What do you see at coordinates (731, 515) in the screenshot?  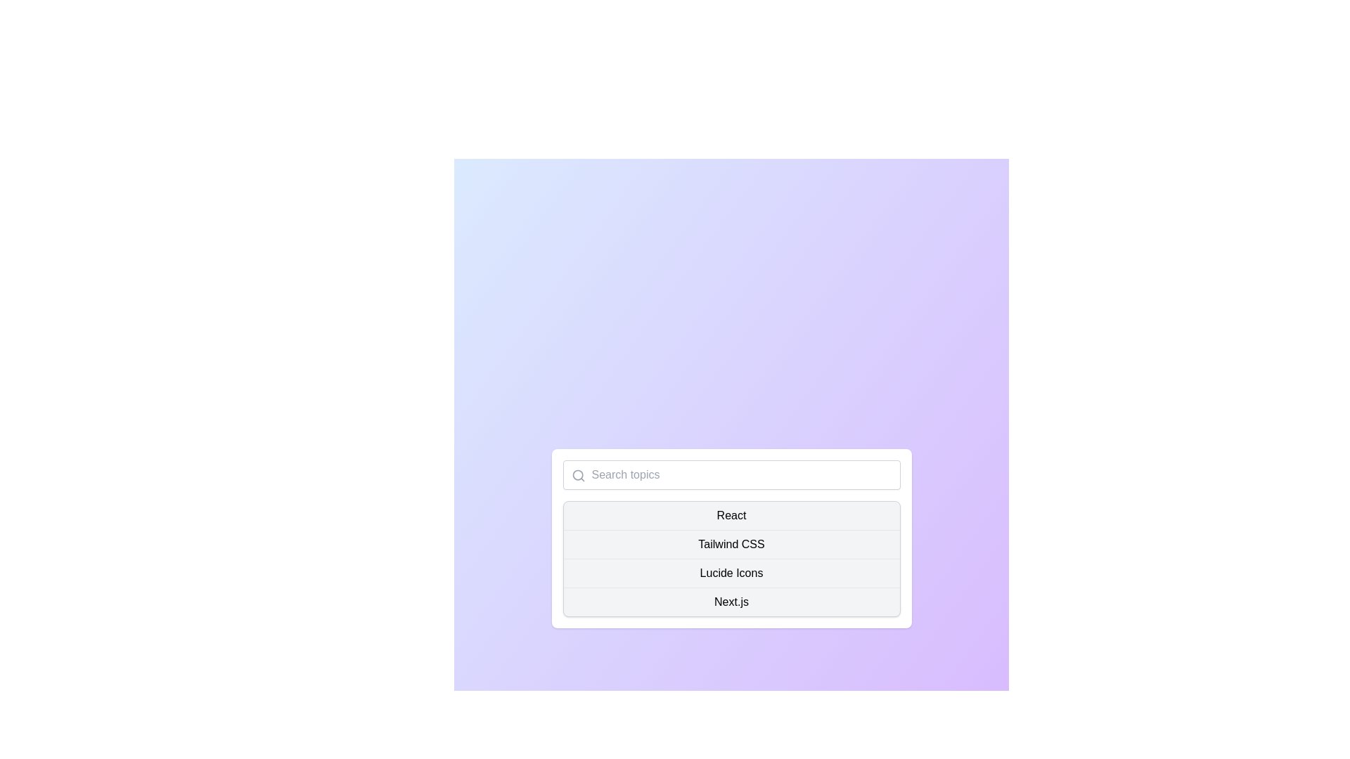 I see `the first selectable option in the dropdown menu labeled 'React'` at bounding box center [731, 515].